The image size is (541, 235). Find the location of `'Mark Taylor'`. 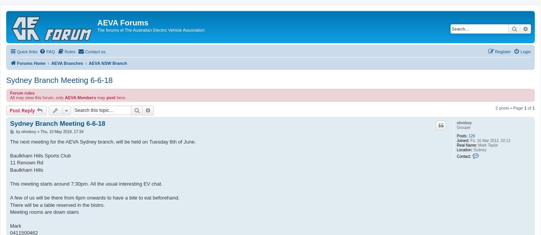

'Mark Taylor' is located at coordinates (487, 145).